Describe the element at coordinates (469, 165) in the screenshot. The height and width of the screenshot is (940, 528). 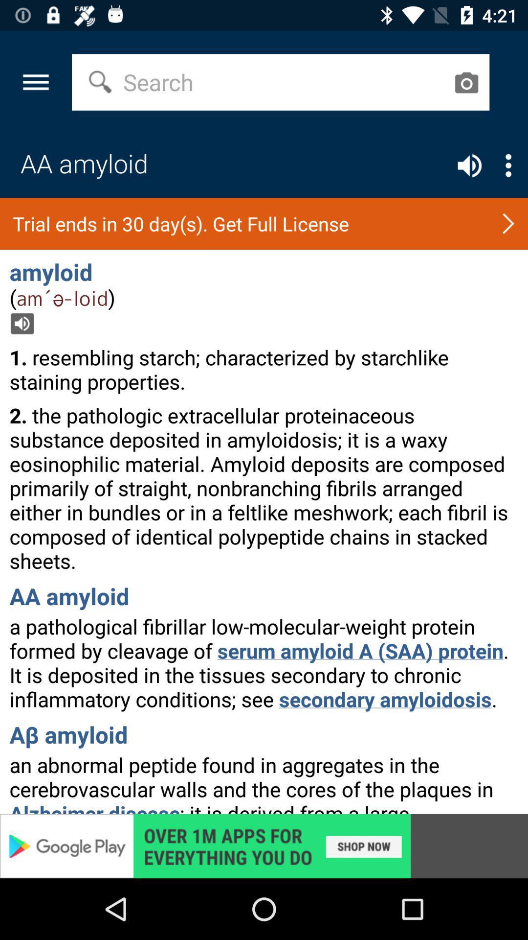
I see `sound control` at that location.